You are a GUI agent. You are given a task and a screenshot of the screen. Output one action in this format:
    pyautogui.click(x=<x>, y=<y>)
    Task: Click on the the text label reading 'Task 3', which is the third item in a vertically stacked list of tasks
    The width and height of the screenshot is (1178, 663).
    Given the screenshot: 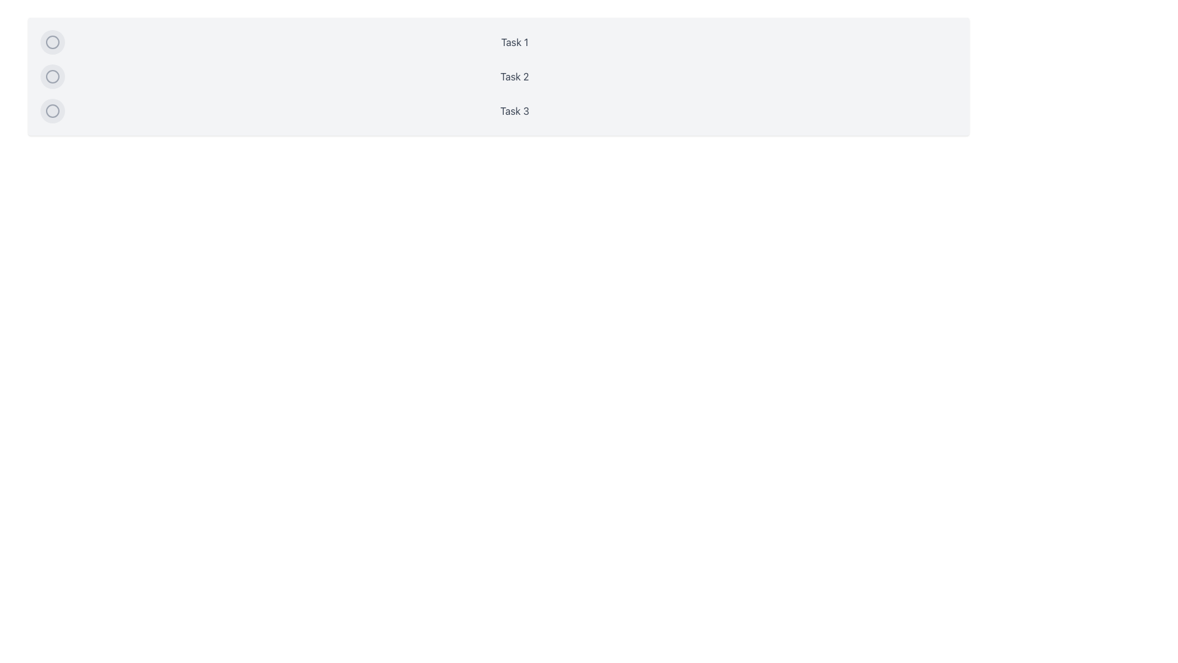 What is the action you would take?
    pyautogui.click(x=498, y=111)
    